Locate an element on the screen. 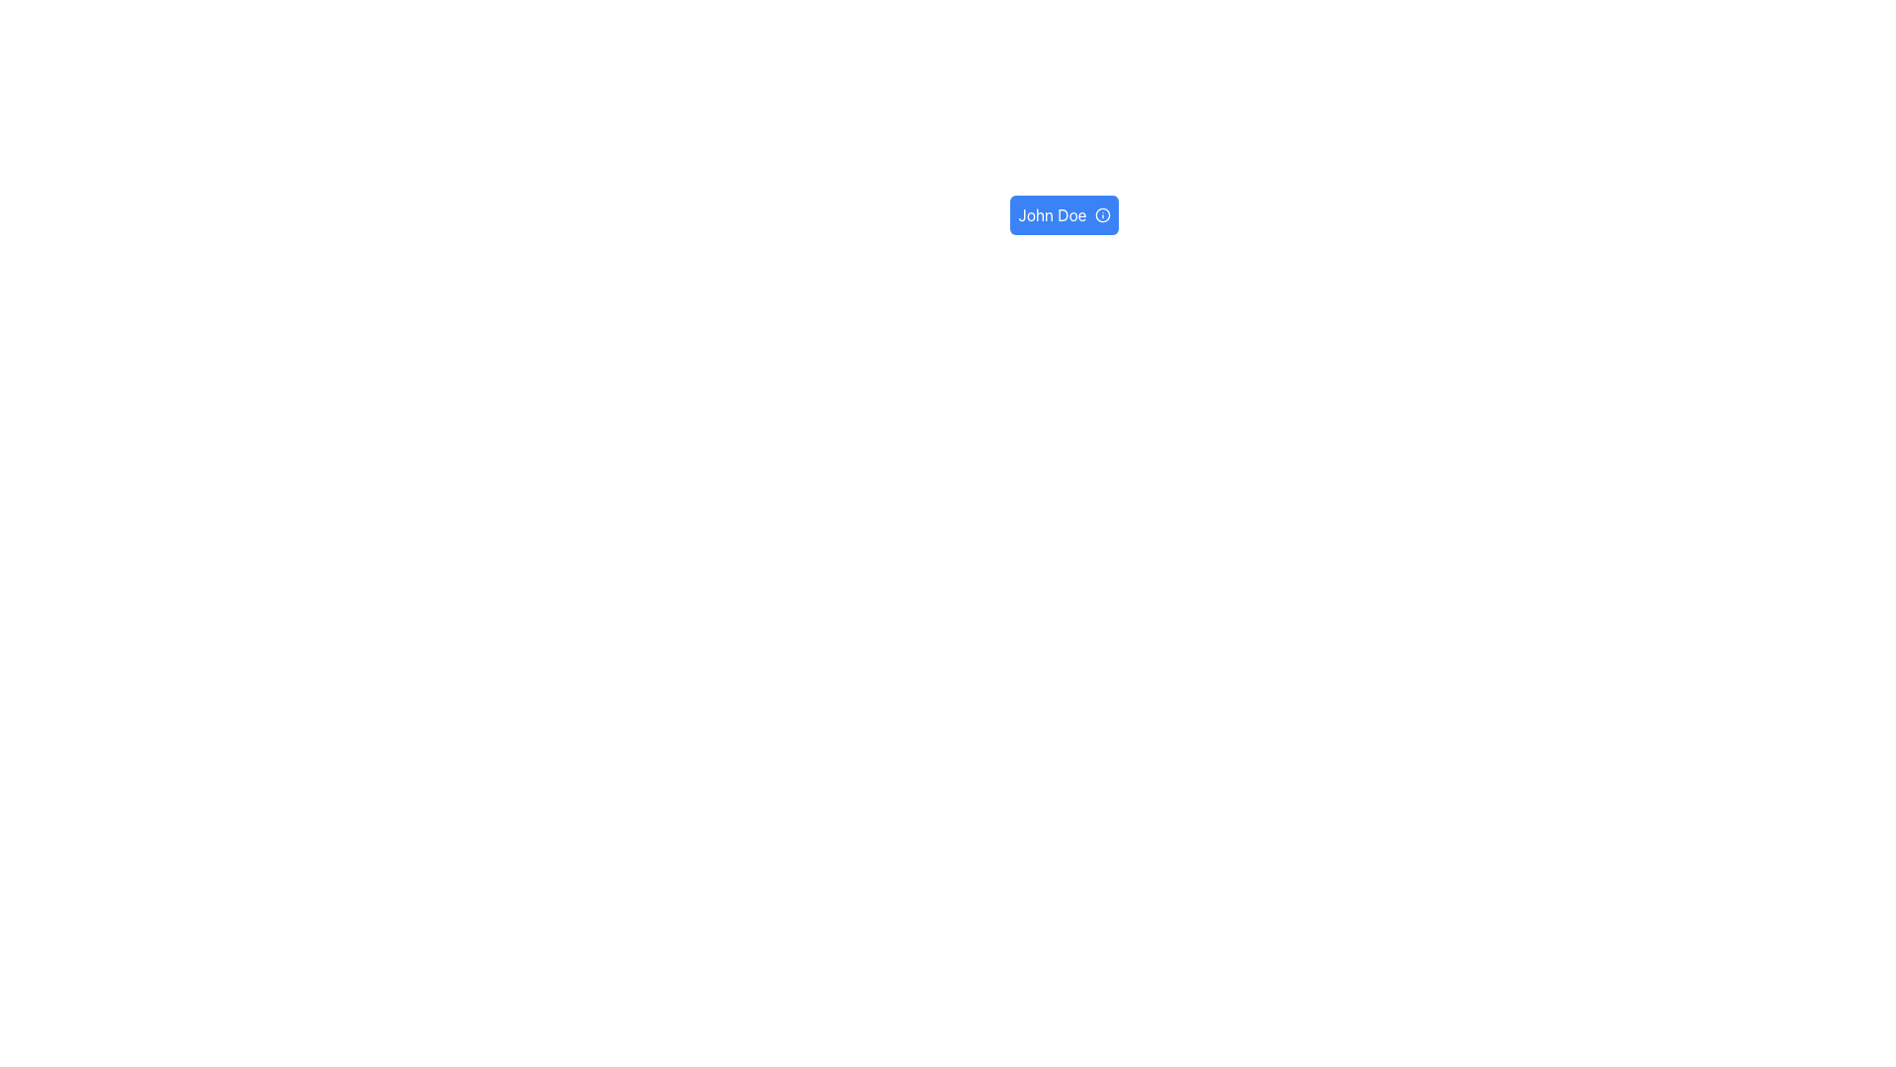  the circular graphical element that is part of an icon, located to the right of the blue tag labeled 'John Doe' is located at coordinates (1101, 215).